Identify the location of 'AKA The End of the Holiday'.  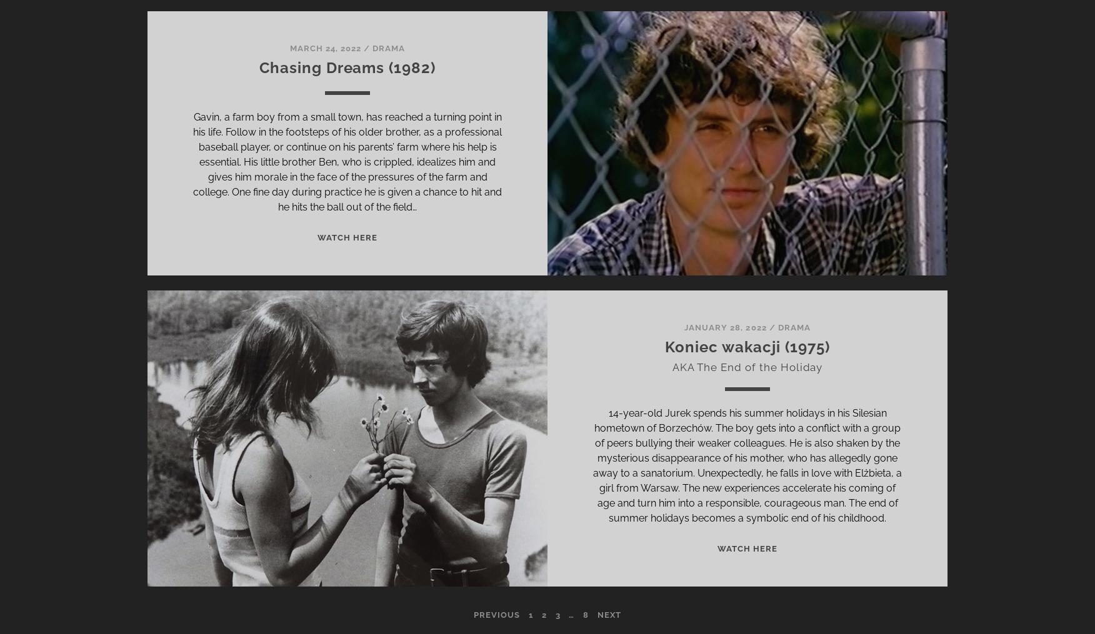
(747, 366).